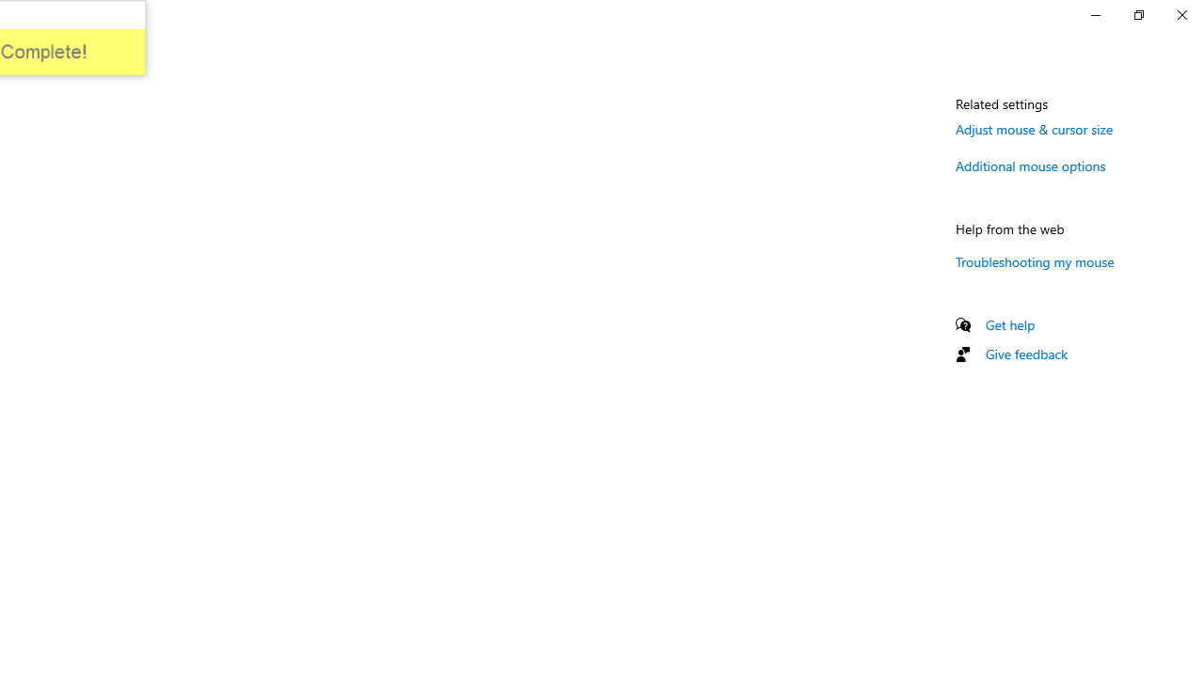  I want to click on 'Adjust mouse & cursor size', so click(1034, 128).